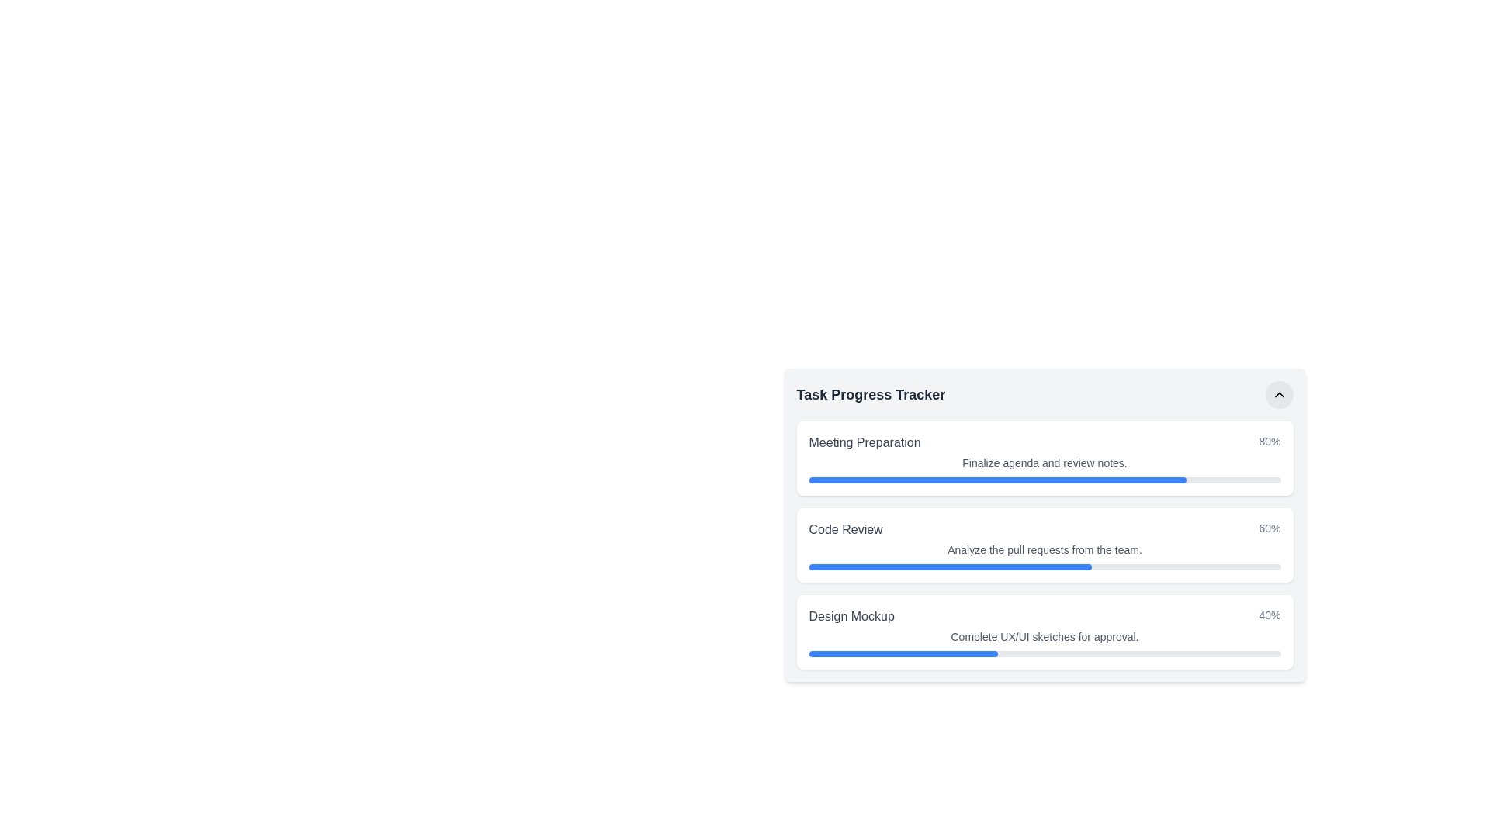  What do you see at coordinates (844, 528) in the screenshot?
I see `the static text label 'Code Review' located in the second task item of the 'Task Progress Tracker', aligned with the percentage indicator '60%'` at bounding box center [844, 528].